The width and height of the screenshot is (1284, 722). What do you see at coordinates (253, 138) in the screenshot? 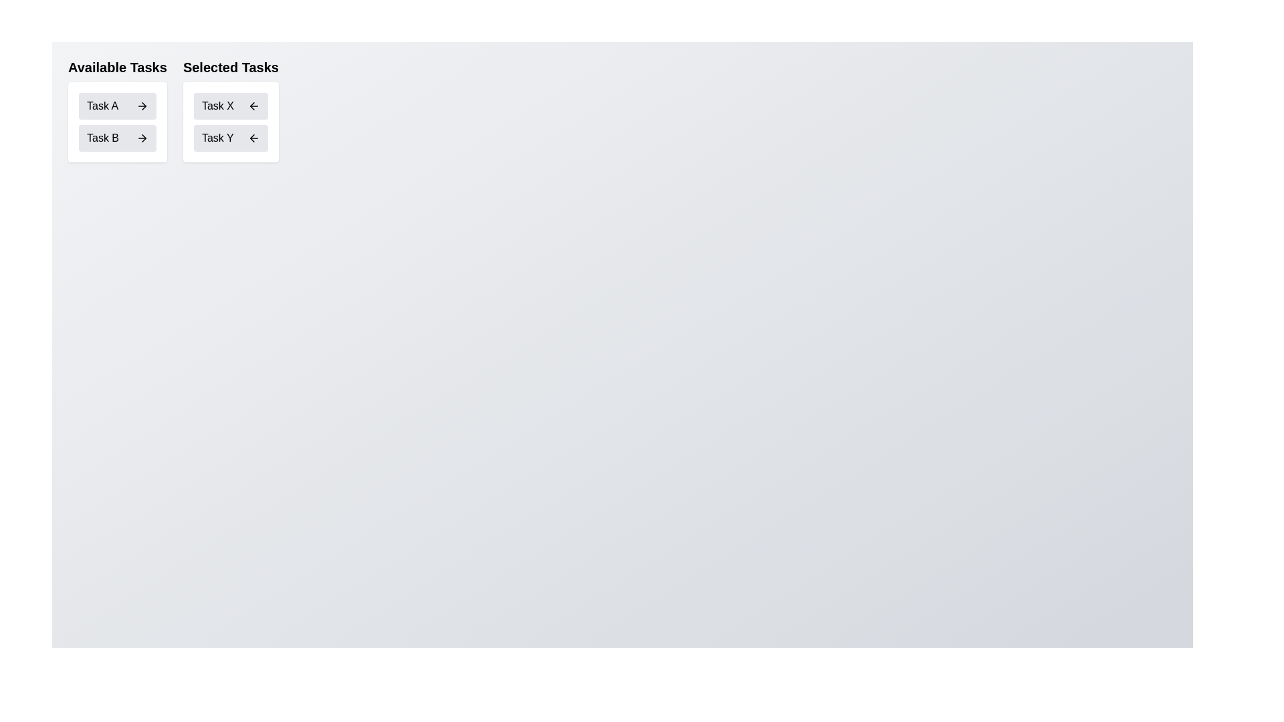
I see `left arrow button next to Task Y in the 'Selected Tasks' list to transfer it to 'Available Tasks'` at bounding box center [253, 138].